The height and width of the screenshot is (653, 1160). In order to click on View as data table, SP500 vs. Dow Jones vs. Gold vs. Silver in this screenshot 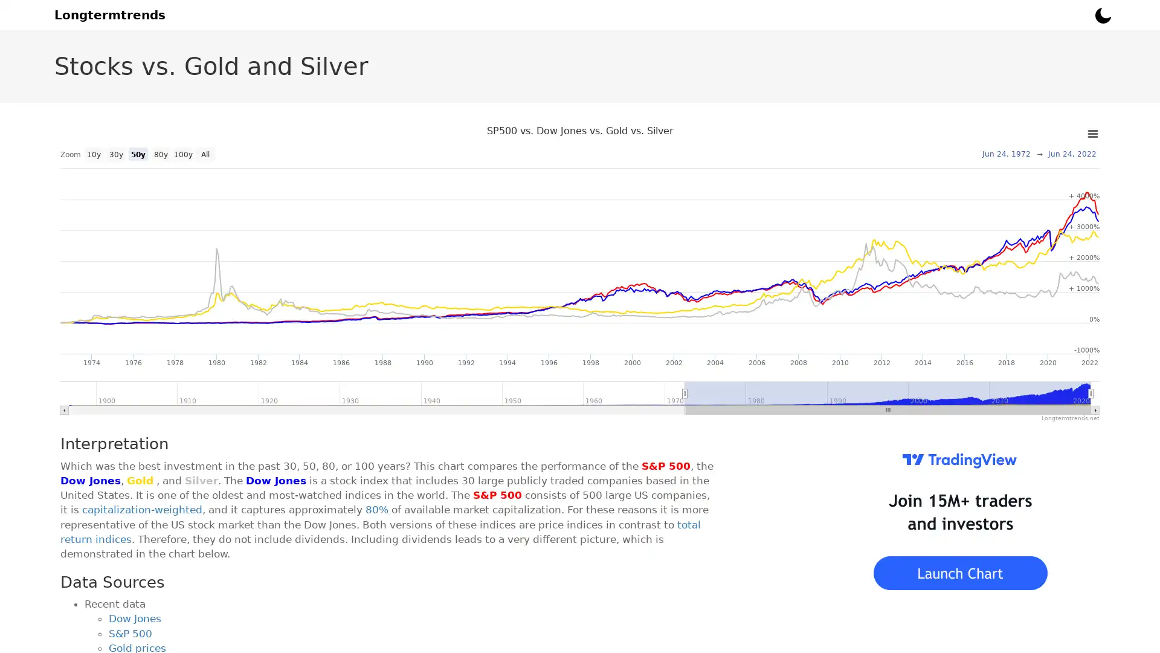, I will do `click(182, 158)`.